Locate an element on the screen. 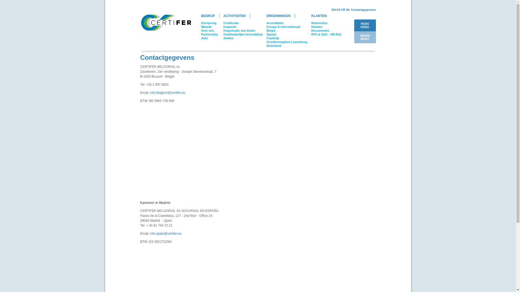 The height and width of the screenshot is (292, 520). 'ERKENNINGEN' is located at coordinates (278, 15).